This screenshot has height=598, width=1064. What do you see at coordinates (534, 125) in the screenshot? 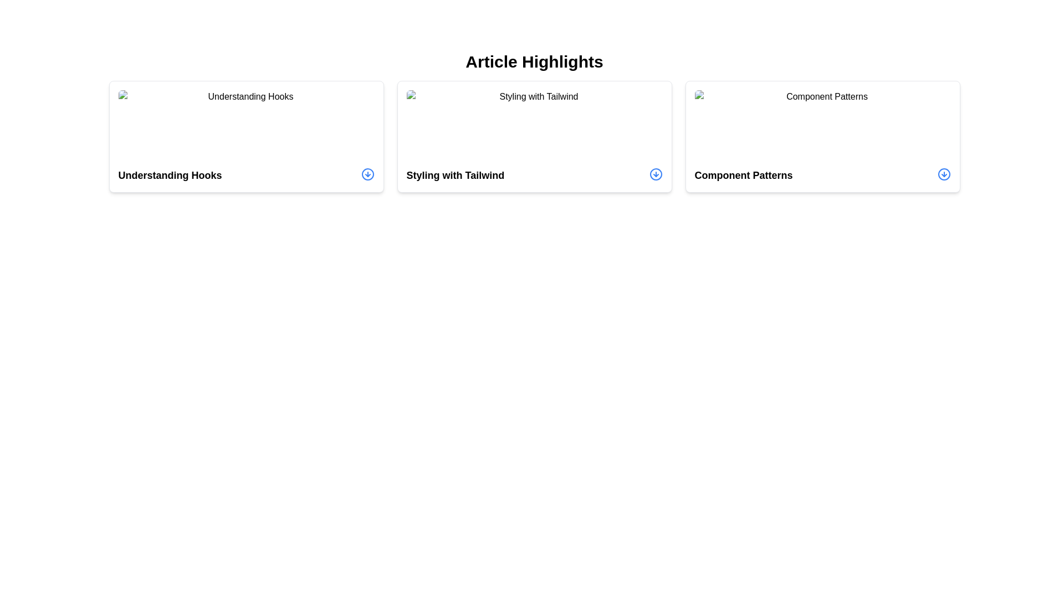
I see `the image labeled 'Styling with Tailwind' within its card layout` at bounding box center [534, 125].